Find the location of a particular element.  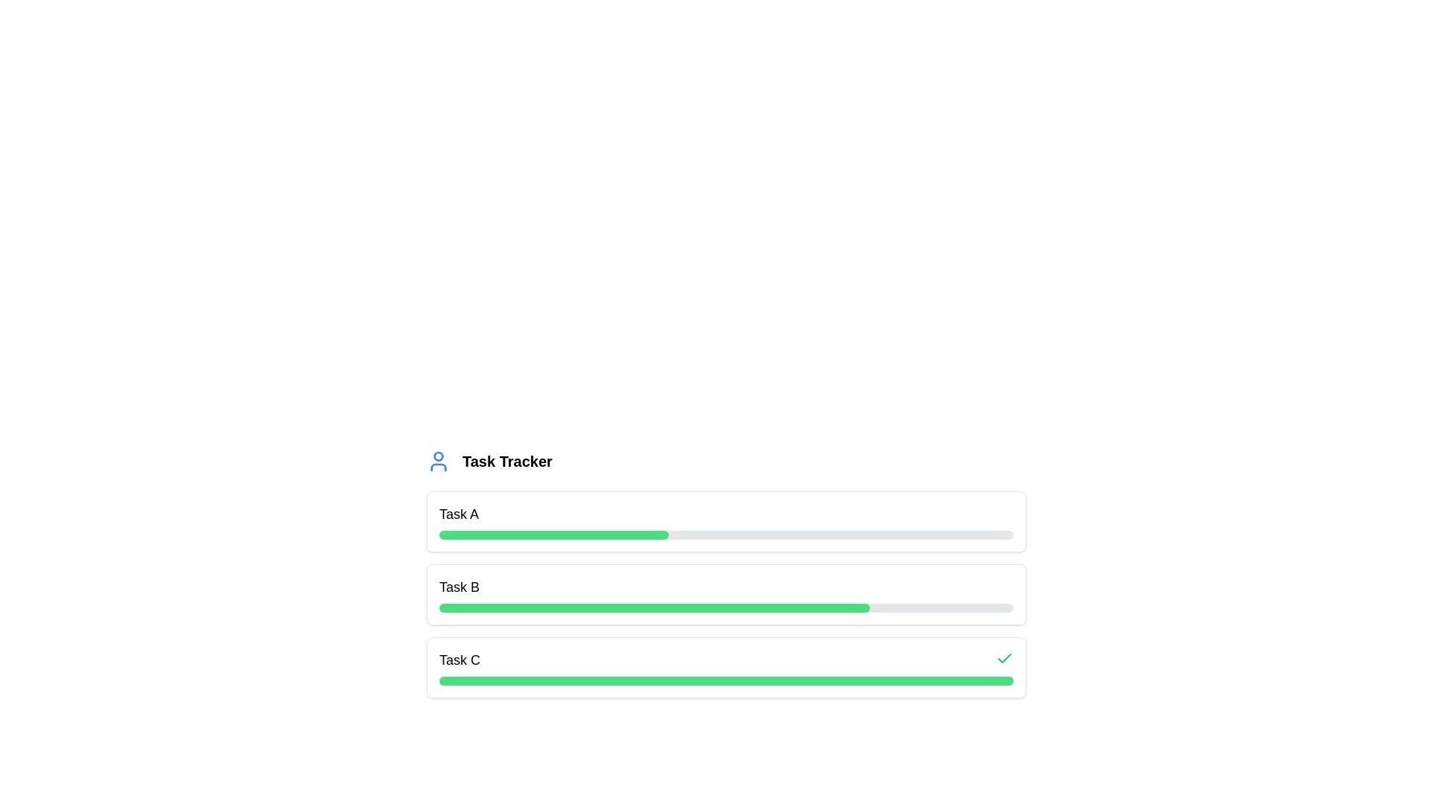

the top circular component of the user icon in the Task Tracker interface is located at coordinates (438, 456).